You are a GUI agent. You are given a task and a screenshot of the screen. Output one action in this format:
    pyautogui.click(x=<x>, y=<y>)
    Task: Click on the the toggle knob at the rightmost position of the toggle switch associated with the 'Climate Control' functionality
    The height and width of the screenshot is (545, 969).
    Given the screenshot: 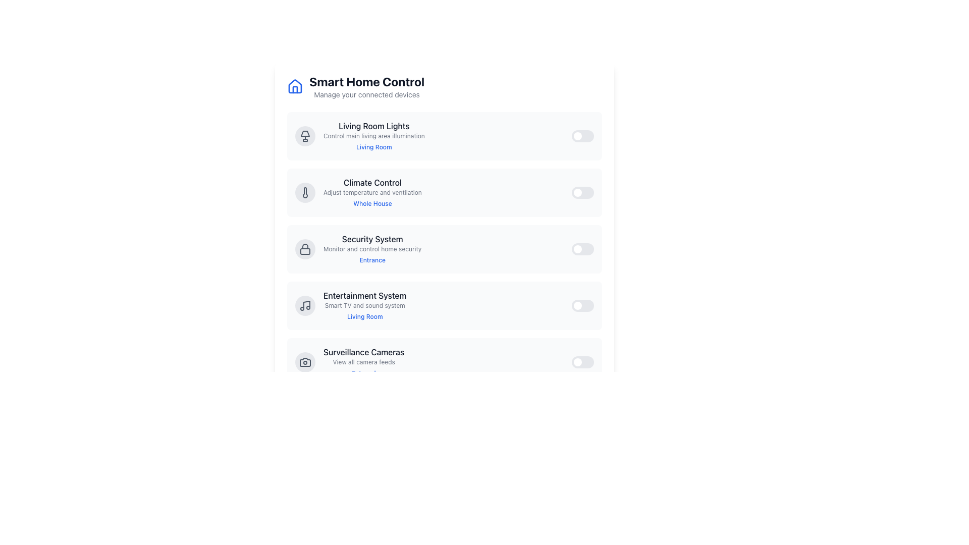 What is the action you would take?
    pyautogui.click(x=578, y=192)
    